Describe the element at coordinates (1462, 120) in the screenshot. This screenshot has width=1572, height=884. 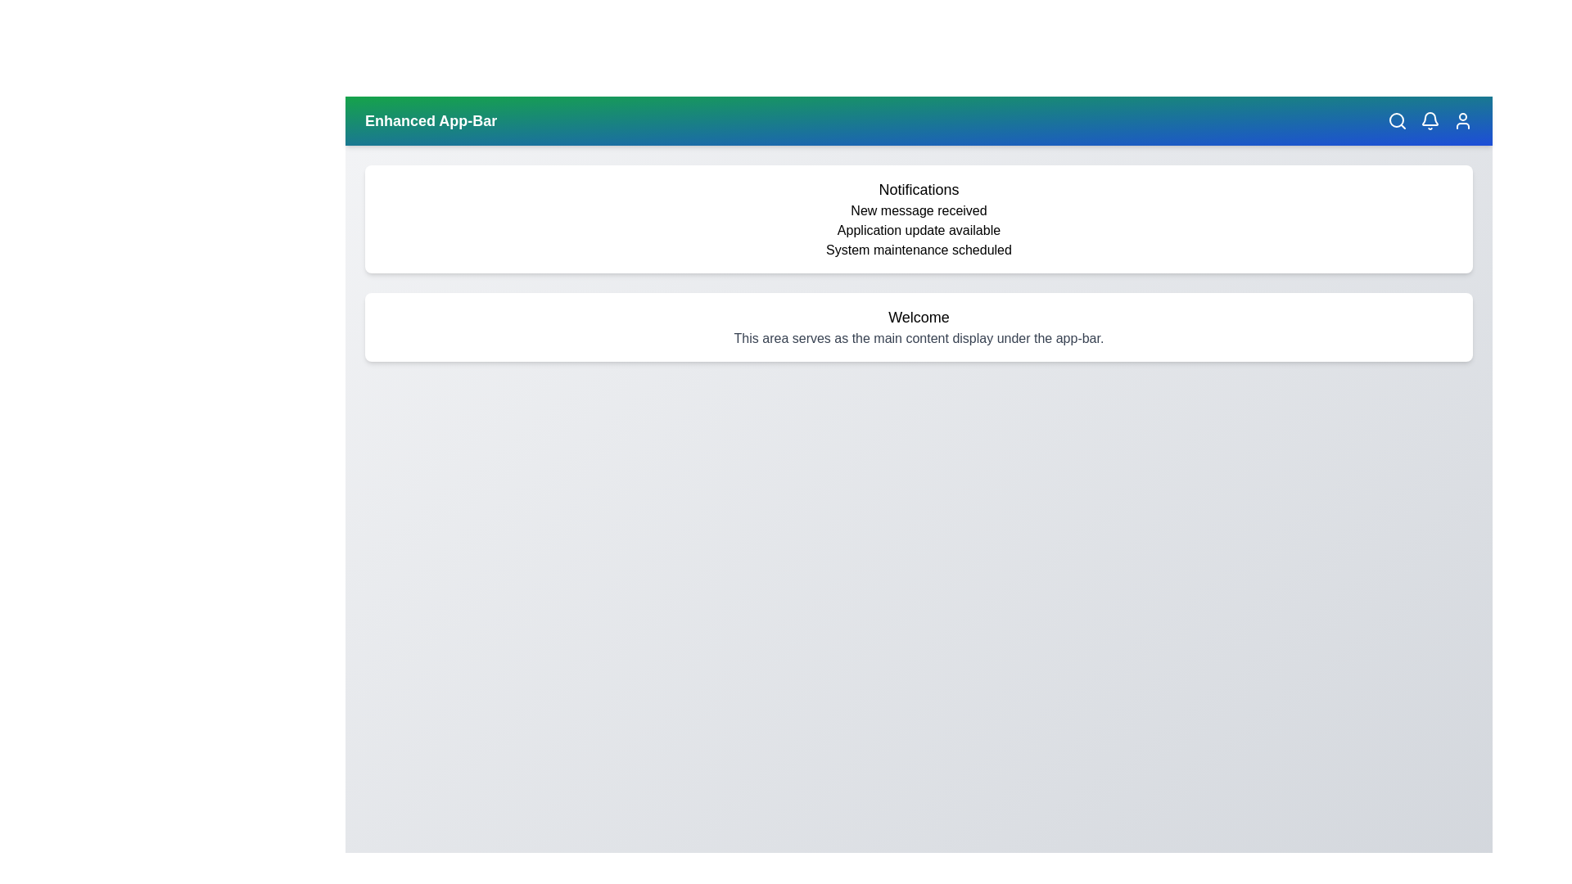
I see `the user icon to access user-related features` at that location.